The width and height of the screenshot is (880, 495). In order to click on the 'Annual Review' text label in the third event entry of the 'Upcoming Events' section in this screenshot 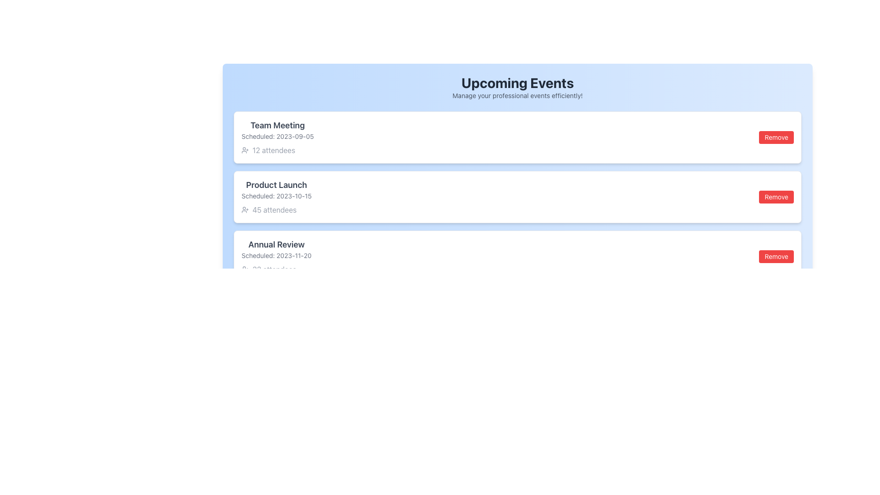, I will do `click(276, 244)`.